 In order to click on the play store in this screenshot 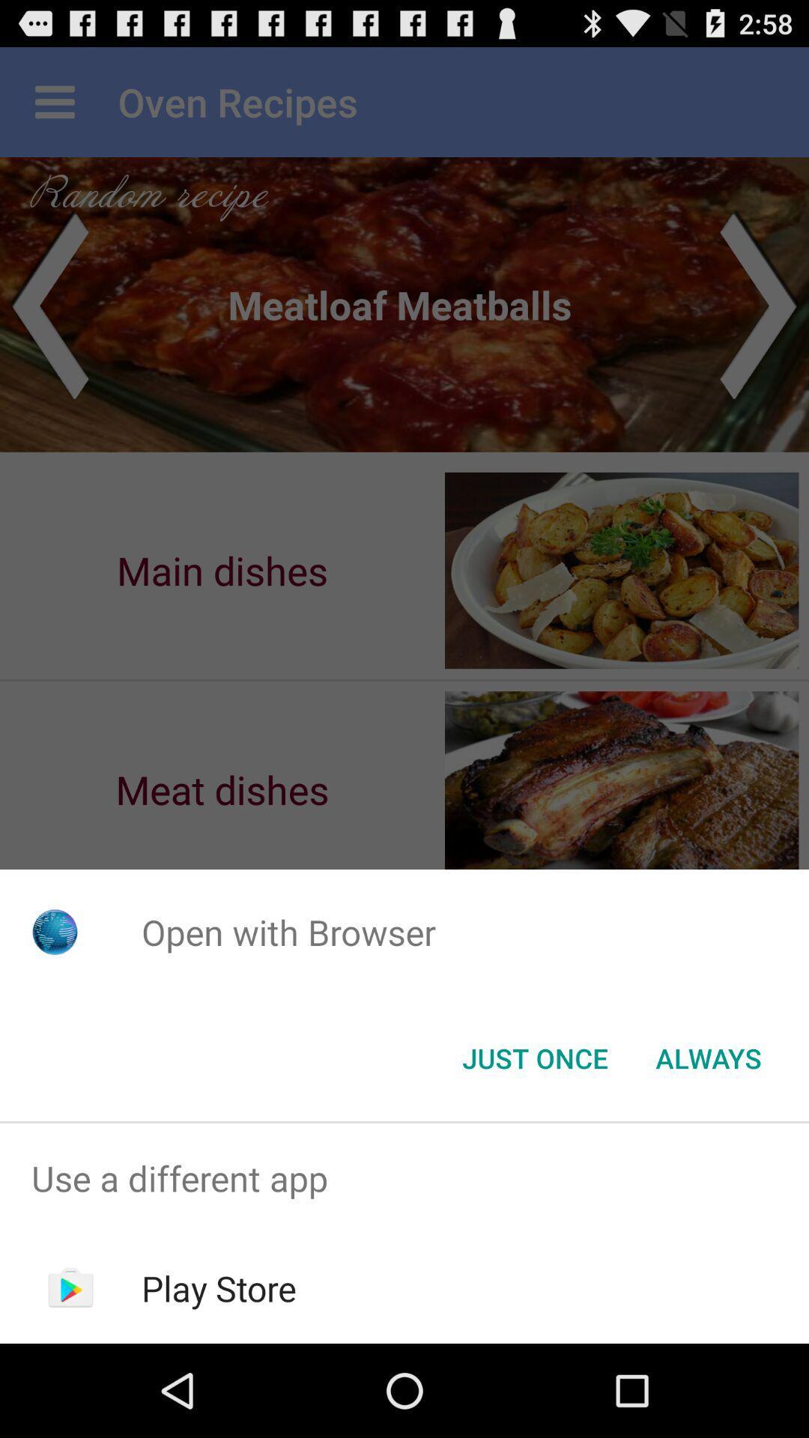, I will do `click(219, 1287)`.